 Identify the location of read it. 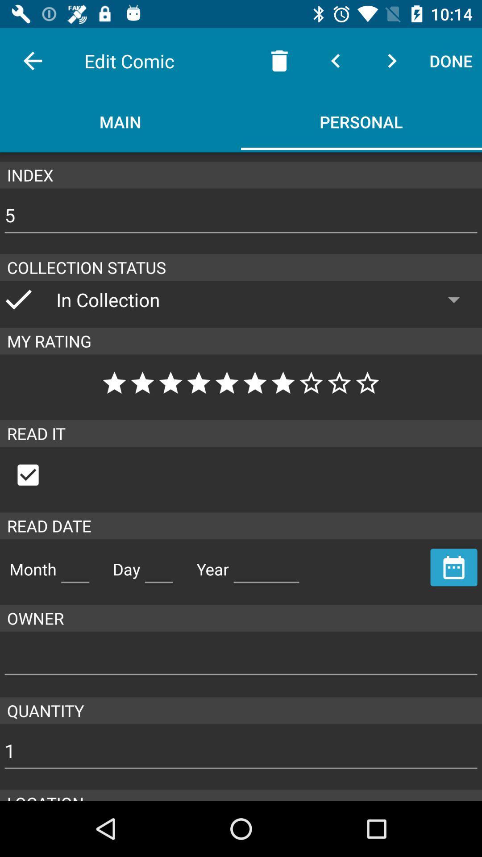
(37, 474).